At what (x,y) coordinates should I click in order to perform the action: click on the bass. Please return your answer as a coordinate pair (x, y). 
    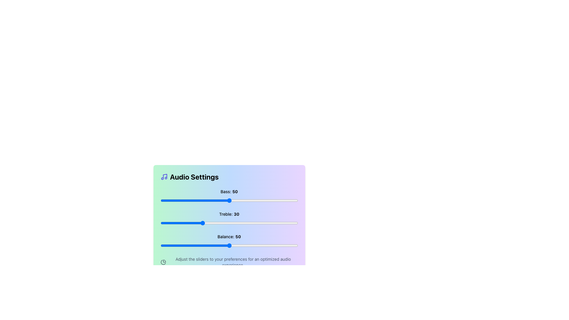
    Looking at the image, I should click on (267, 200).